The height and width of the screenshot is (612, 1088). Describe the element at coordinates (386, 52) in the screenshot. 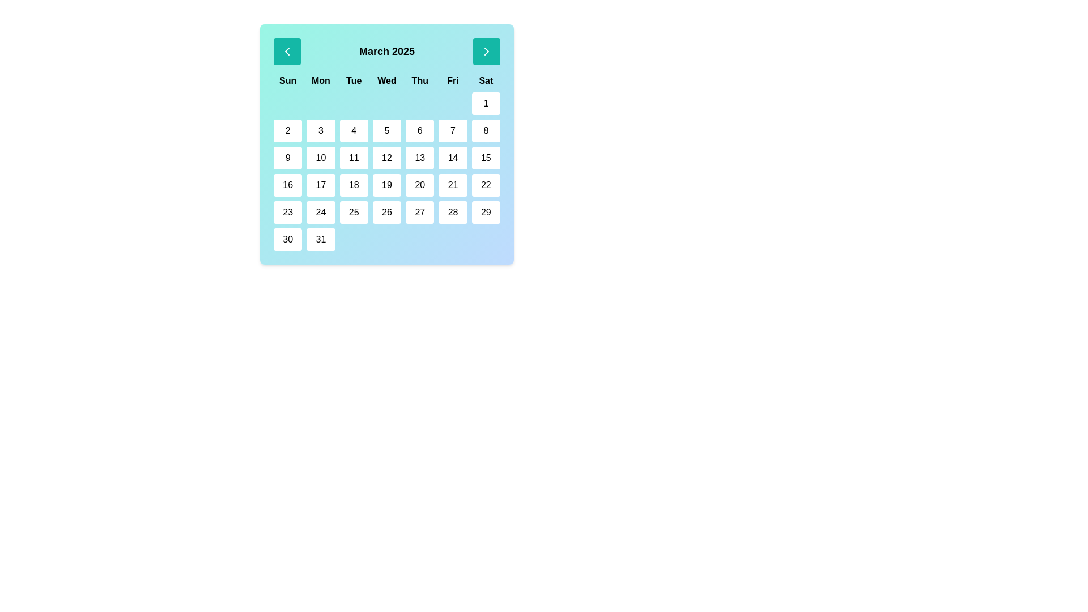

I see `the header displaying 'March 2025' with interactive navigation buttons on either side, located at the top center of the calendar widget` at that location.